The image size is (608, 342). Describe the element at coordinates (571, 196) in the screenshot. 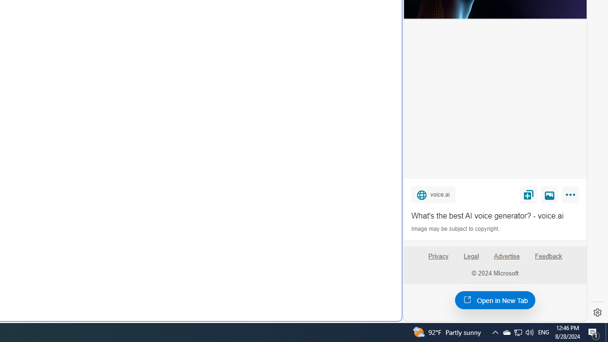

I see `'More'` at that location.